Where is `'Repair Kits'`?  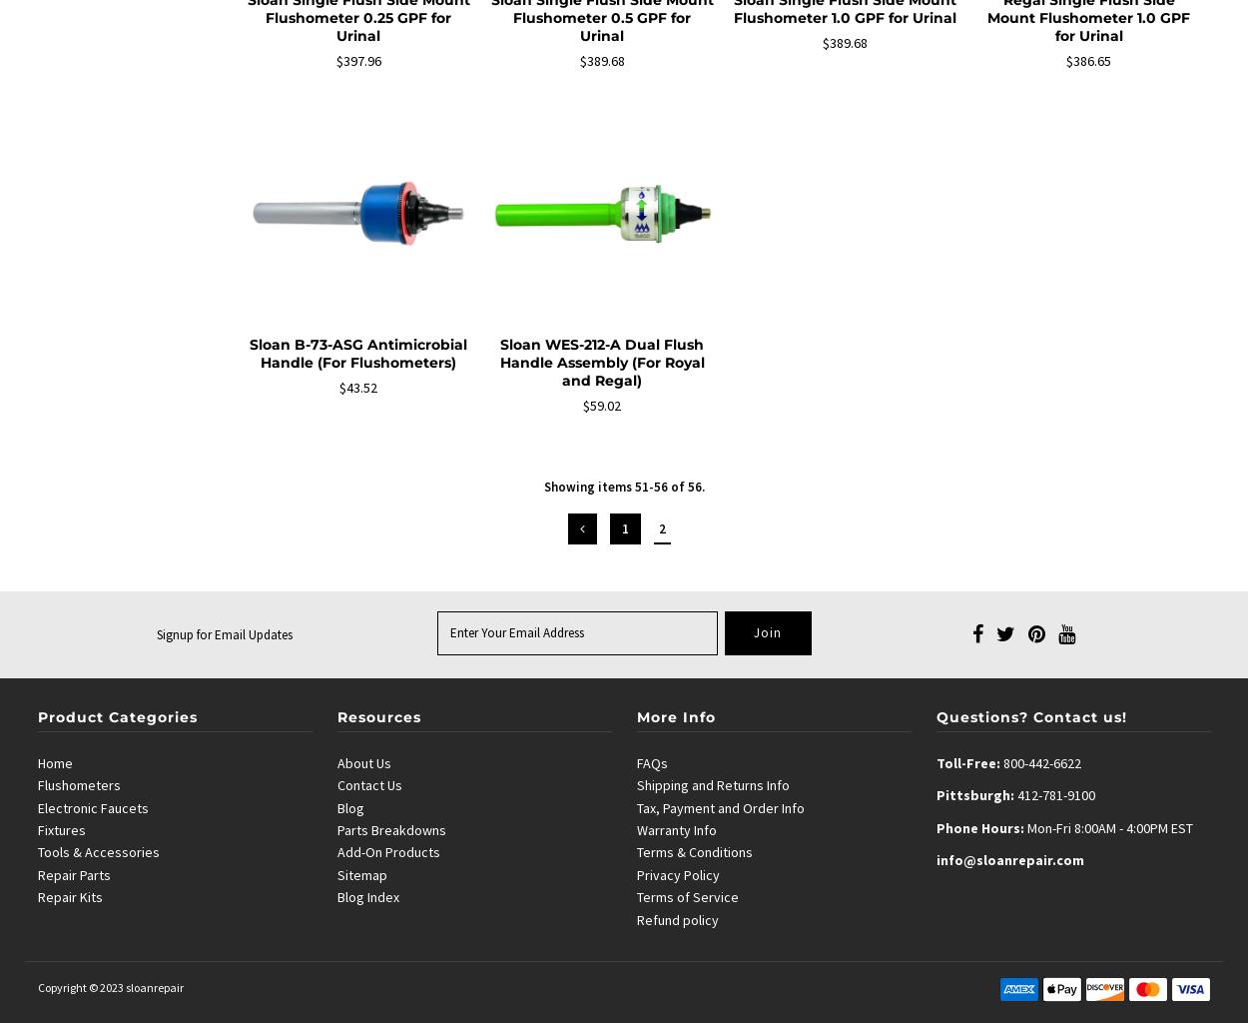
'Repair Kits' is located at coordinates (37, 896).